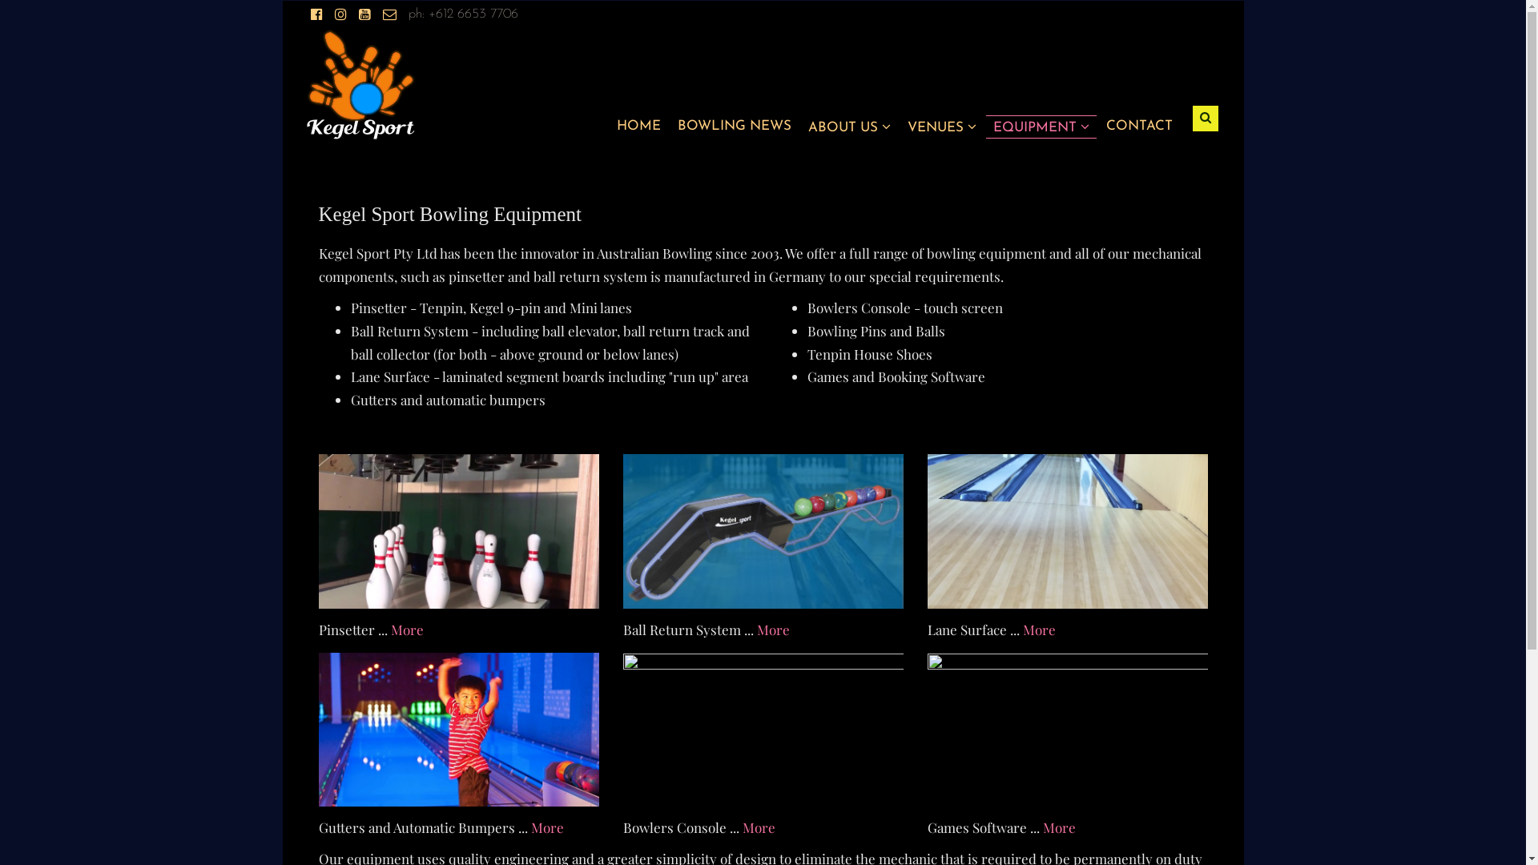  Describe the element at coordinates (763, 730) in the screenshot. I see `'bowlwrs console'` at that location.